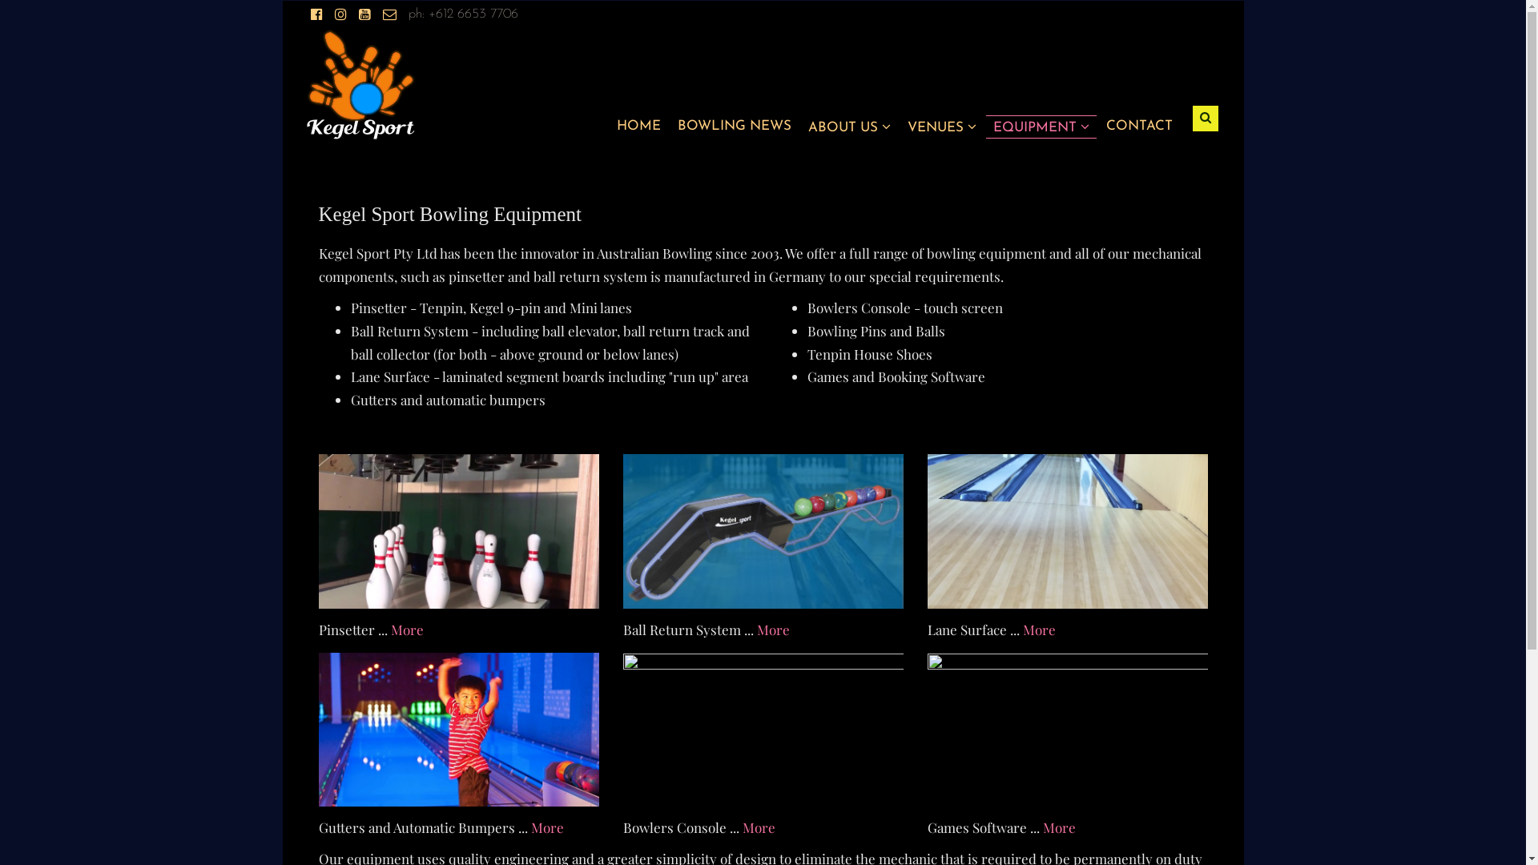  Describe the element at coordinates (763, 730) in the screenshot. I see `'bowlwrs console'` at that location.